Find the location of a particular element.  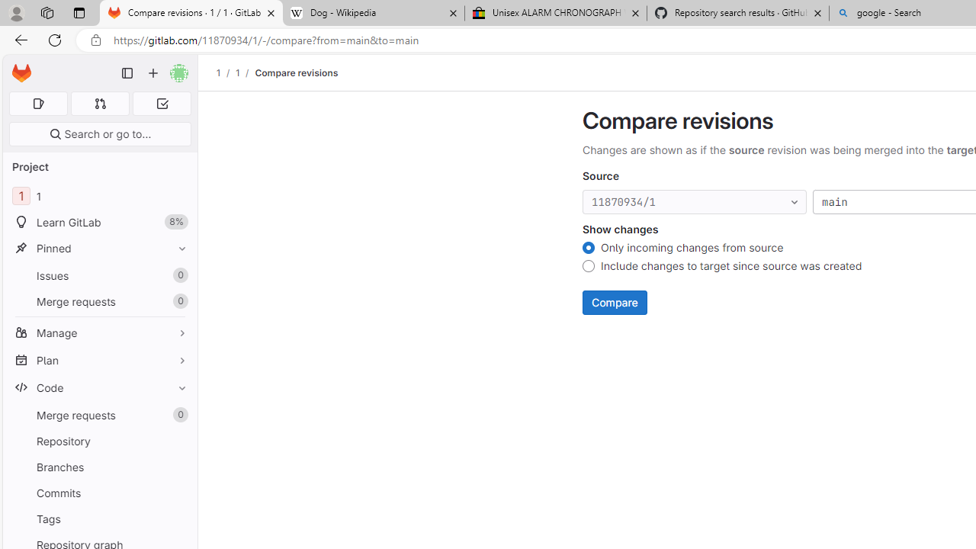

'Branches' is located at coordinates (99, 466).